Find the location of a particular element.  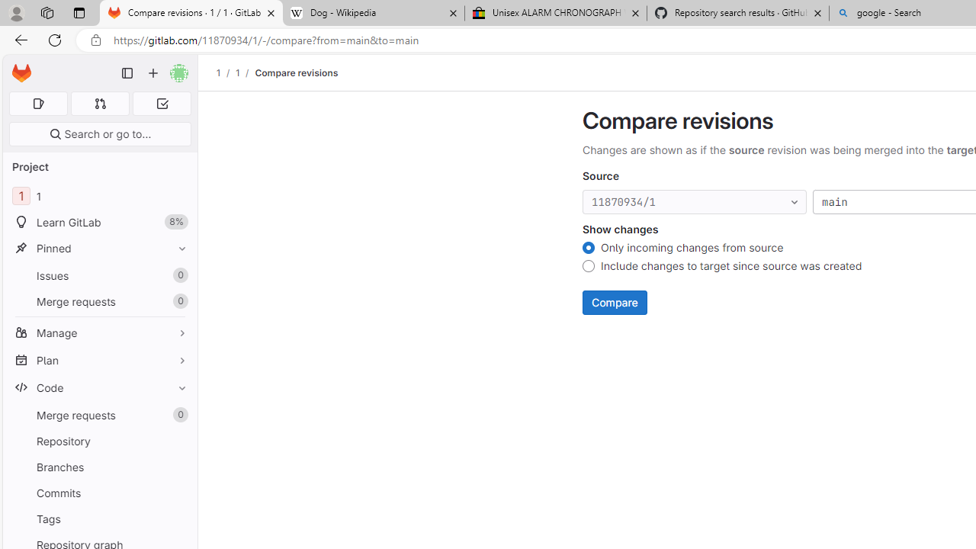

'Branches' is located at coordinates (99, 466).